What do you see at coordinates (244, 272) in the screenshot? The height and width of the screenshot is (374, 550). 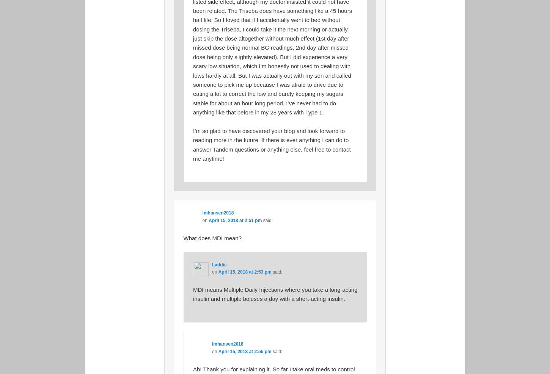 I see `'April 15, 2018 at 2:53 pm'` at bounding box center [244, 272].